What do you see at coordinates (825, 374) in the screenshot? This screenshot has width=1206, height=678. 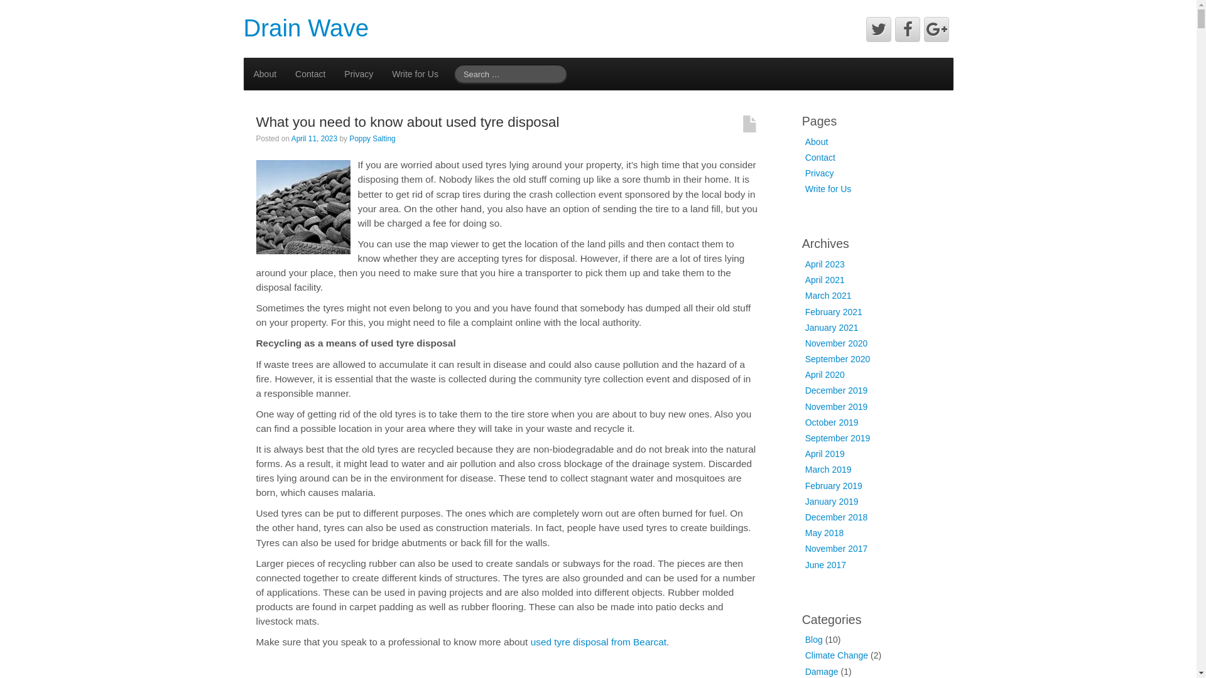 I see `'April 2020'` at bounding box center [825, 374].